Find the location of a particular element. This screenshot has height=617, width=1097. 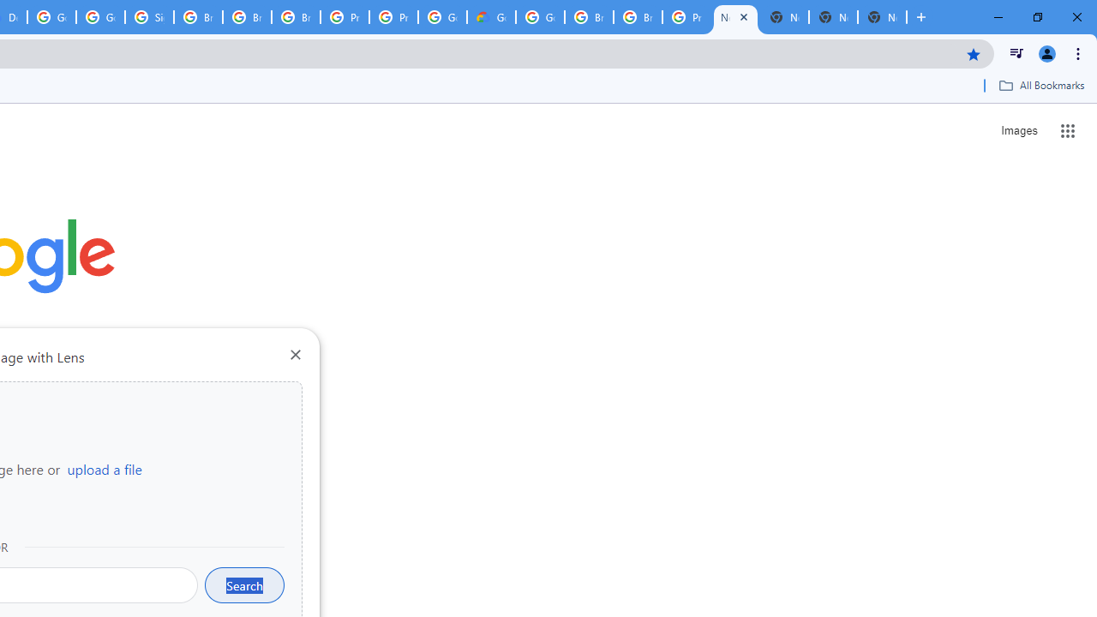

'New Tab' is located at coordinates (882, 17).